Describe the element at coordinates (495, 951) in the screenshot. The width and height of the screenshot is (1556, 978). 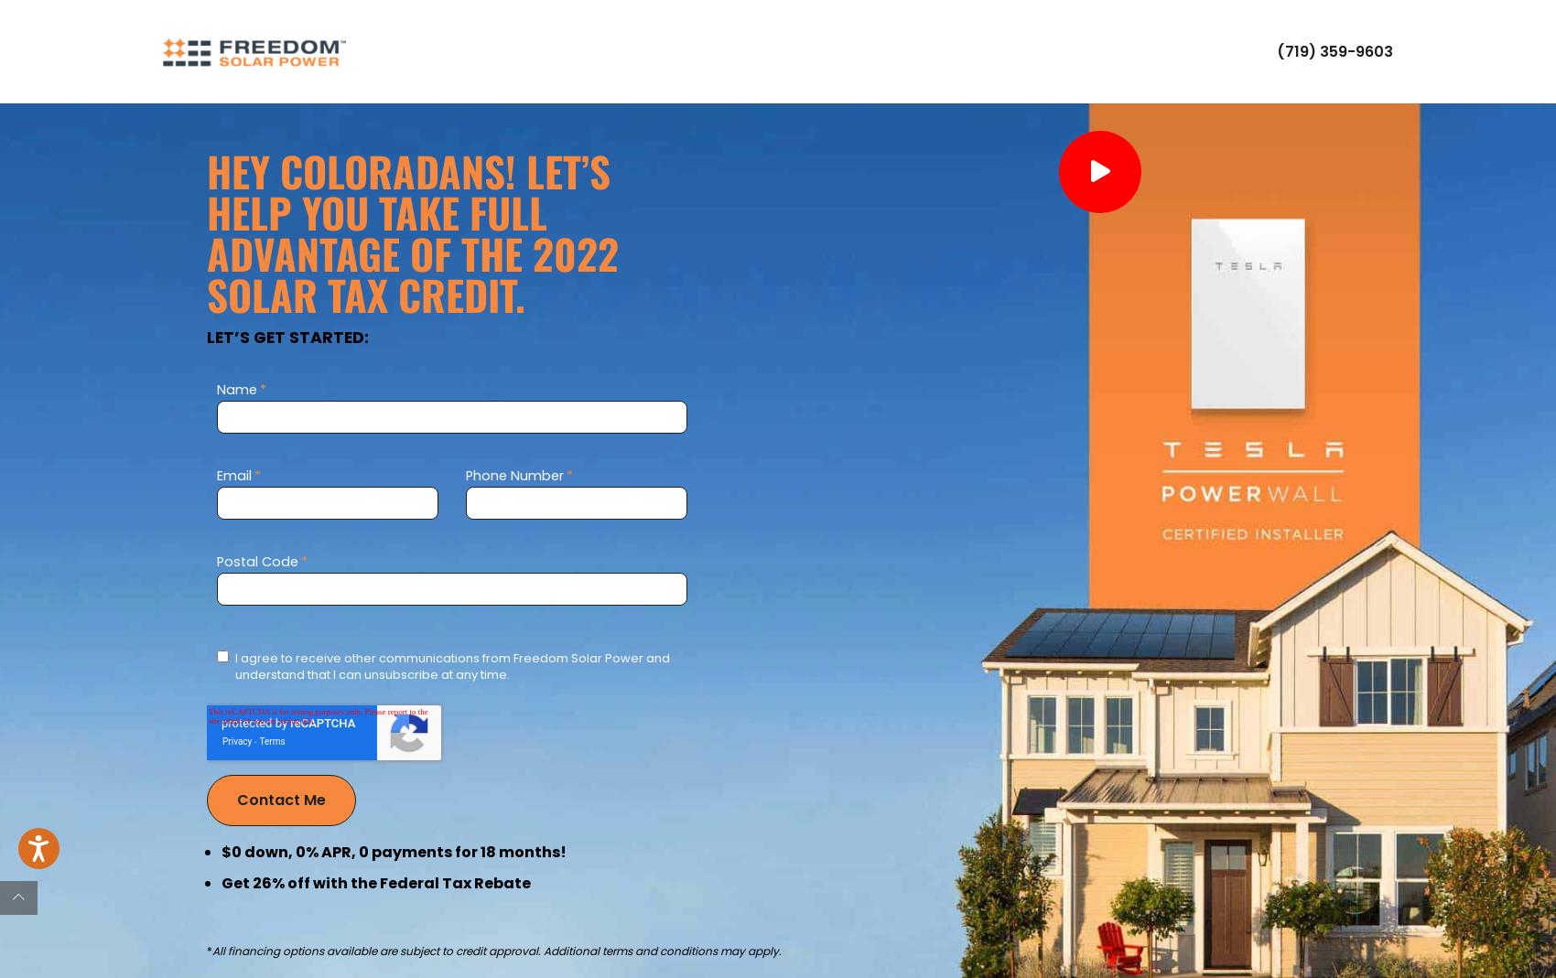
I see `'All financing options available are subject to credit approval. Additional terms and conditions may apply.'` at that location.